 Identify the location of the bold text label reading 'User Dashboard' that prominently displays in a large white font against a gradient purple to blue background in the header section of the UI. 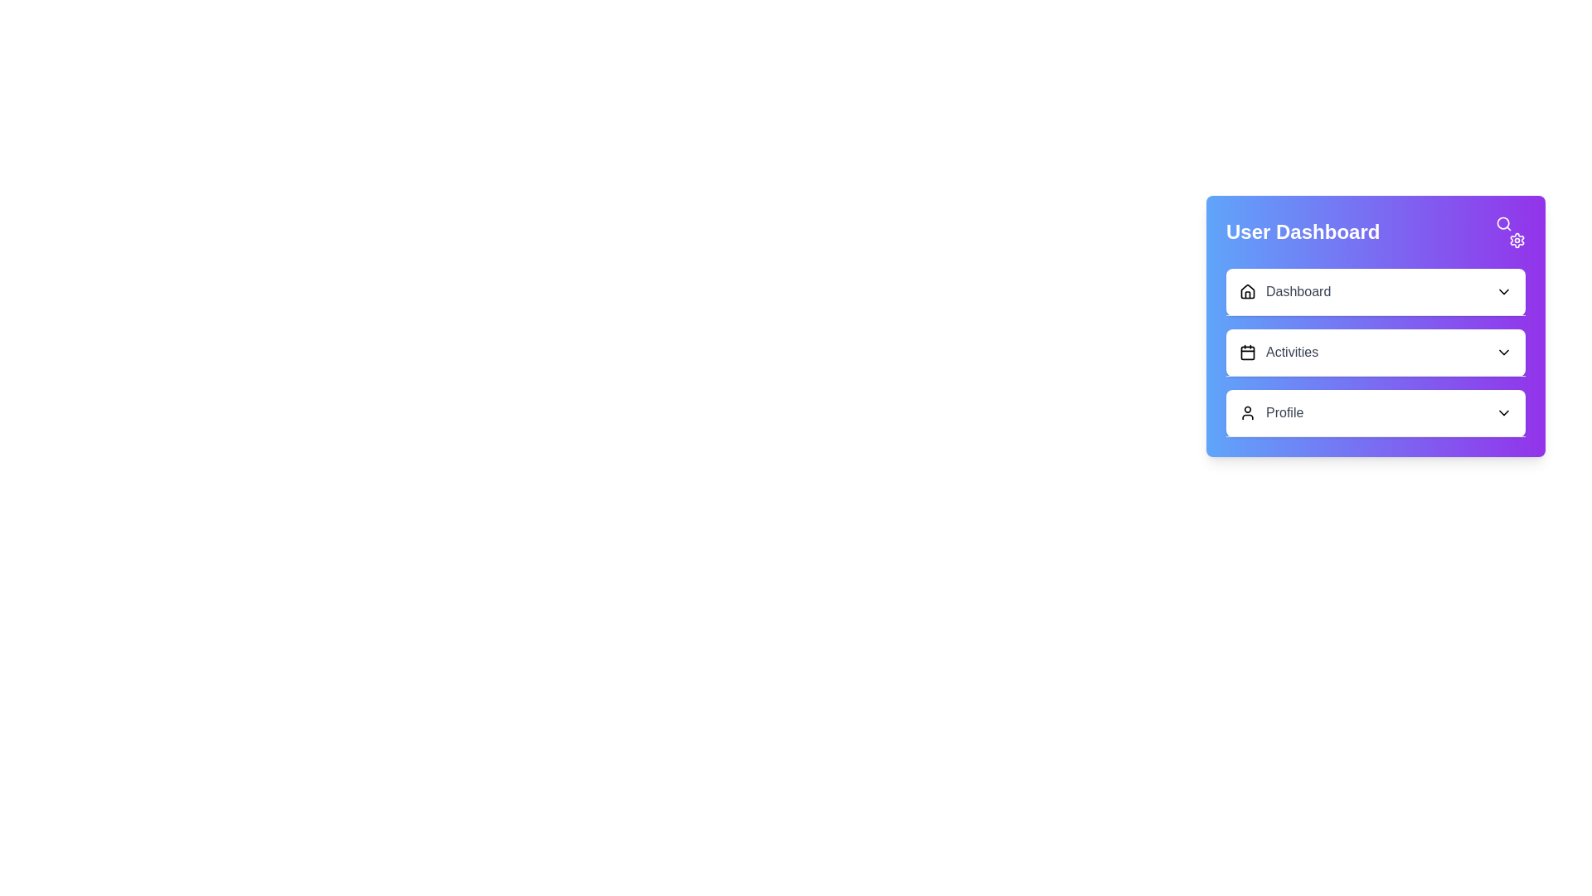
(1302, 232).